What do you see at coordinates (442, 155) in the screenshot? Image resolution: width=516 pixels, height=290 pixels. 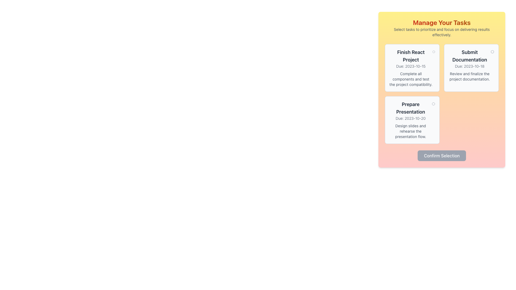 I see `the confirmation button located at the bottom of the layout to confirm the user's selection of tasks from the cards above` at bounding box center [442, 155].